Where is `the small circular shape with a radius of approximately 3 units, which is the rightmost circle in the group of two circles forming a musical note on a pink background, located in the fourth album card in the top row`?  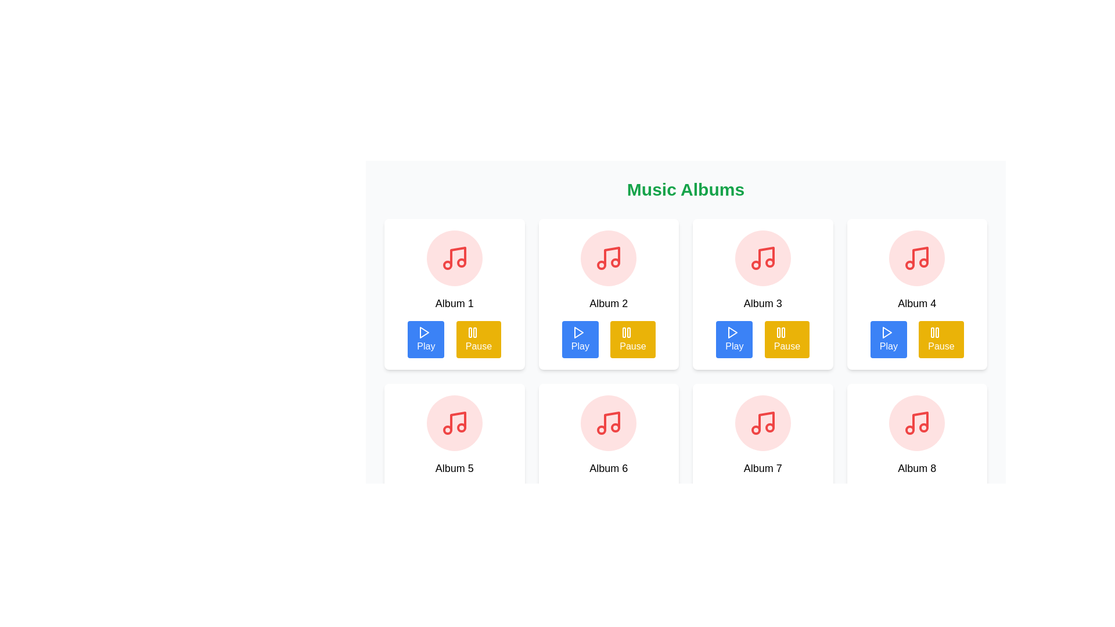
the small circular shape with a radius of approximately 3 units, which is the rightmost circle in the group of two circles forming a musical note on a pink background, located in the fourth album card in the top row is located at coordinates (923, 262).